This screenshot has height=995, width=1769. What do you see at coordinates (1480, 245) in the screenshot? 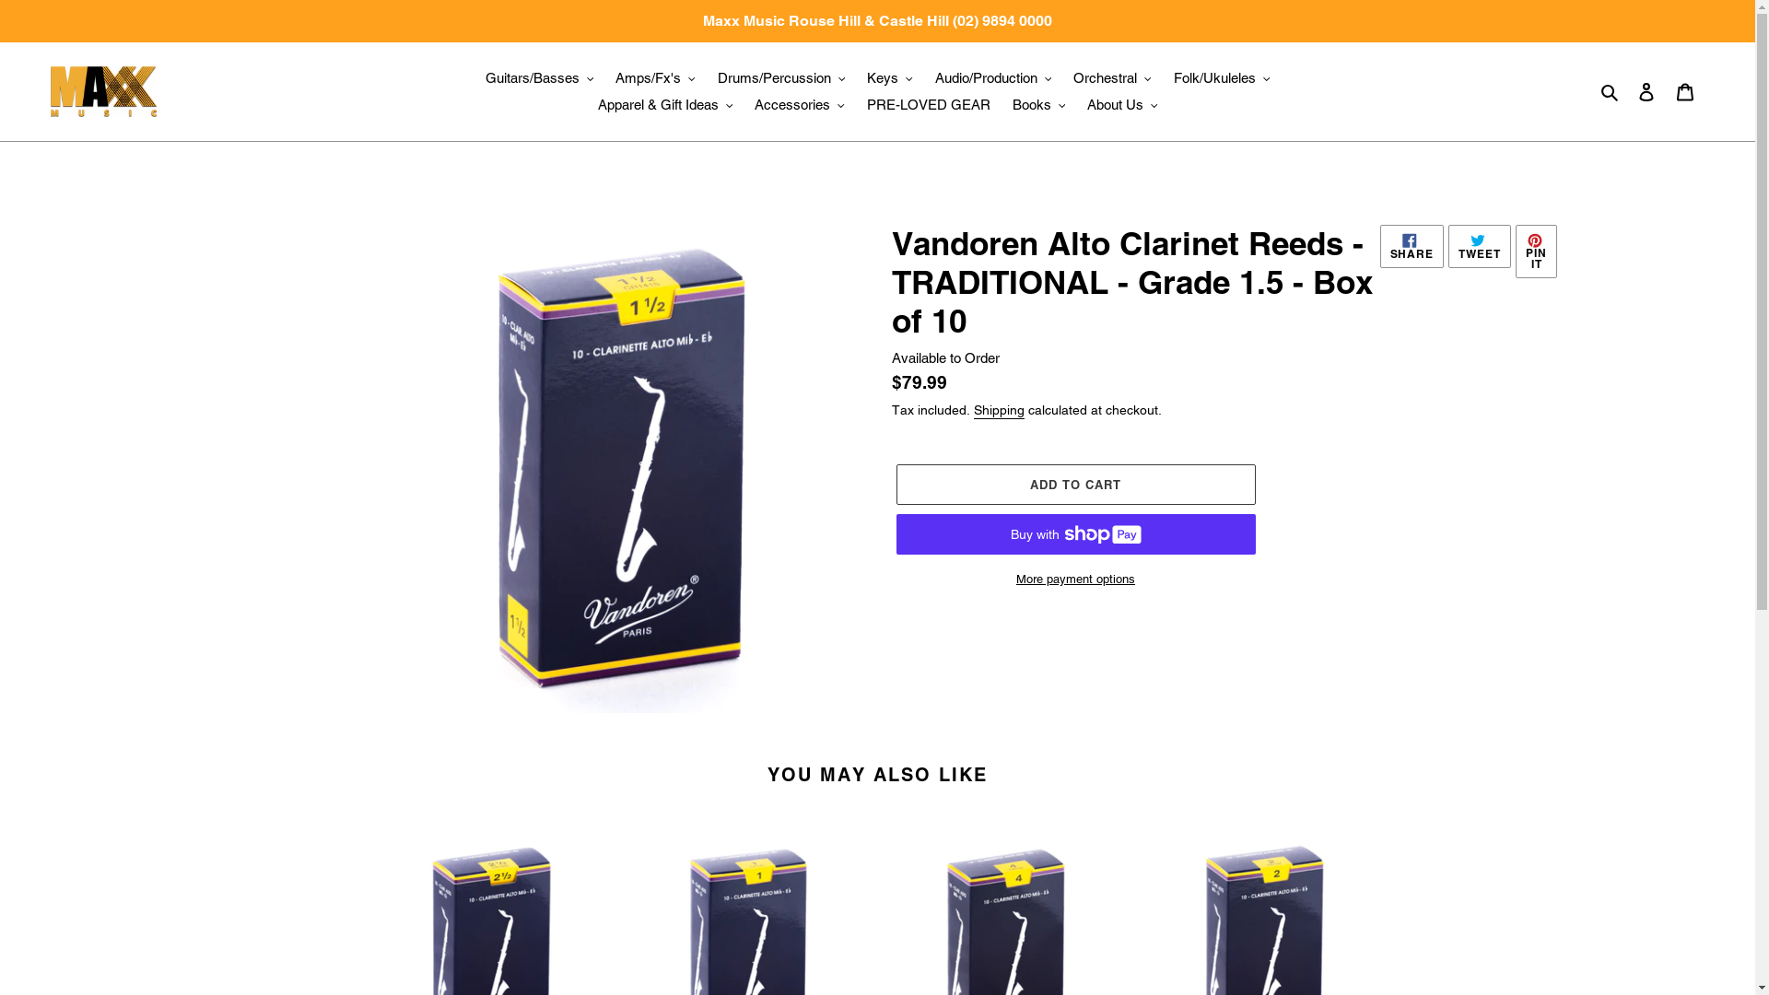
I see `'TWEET` at bounding box center [1480, 245].